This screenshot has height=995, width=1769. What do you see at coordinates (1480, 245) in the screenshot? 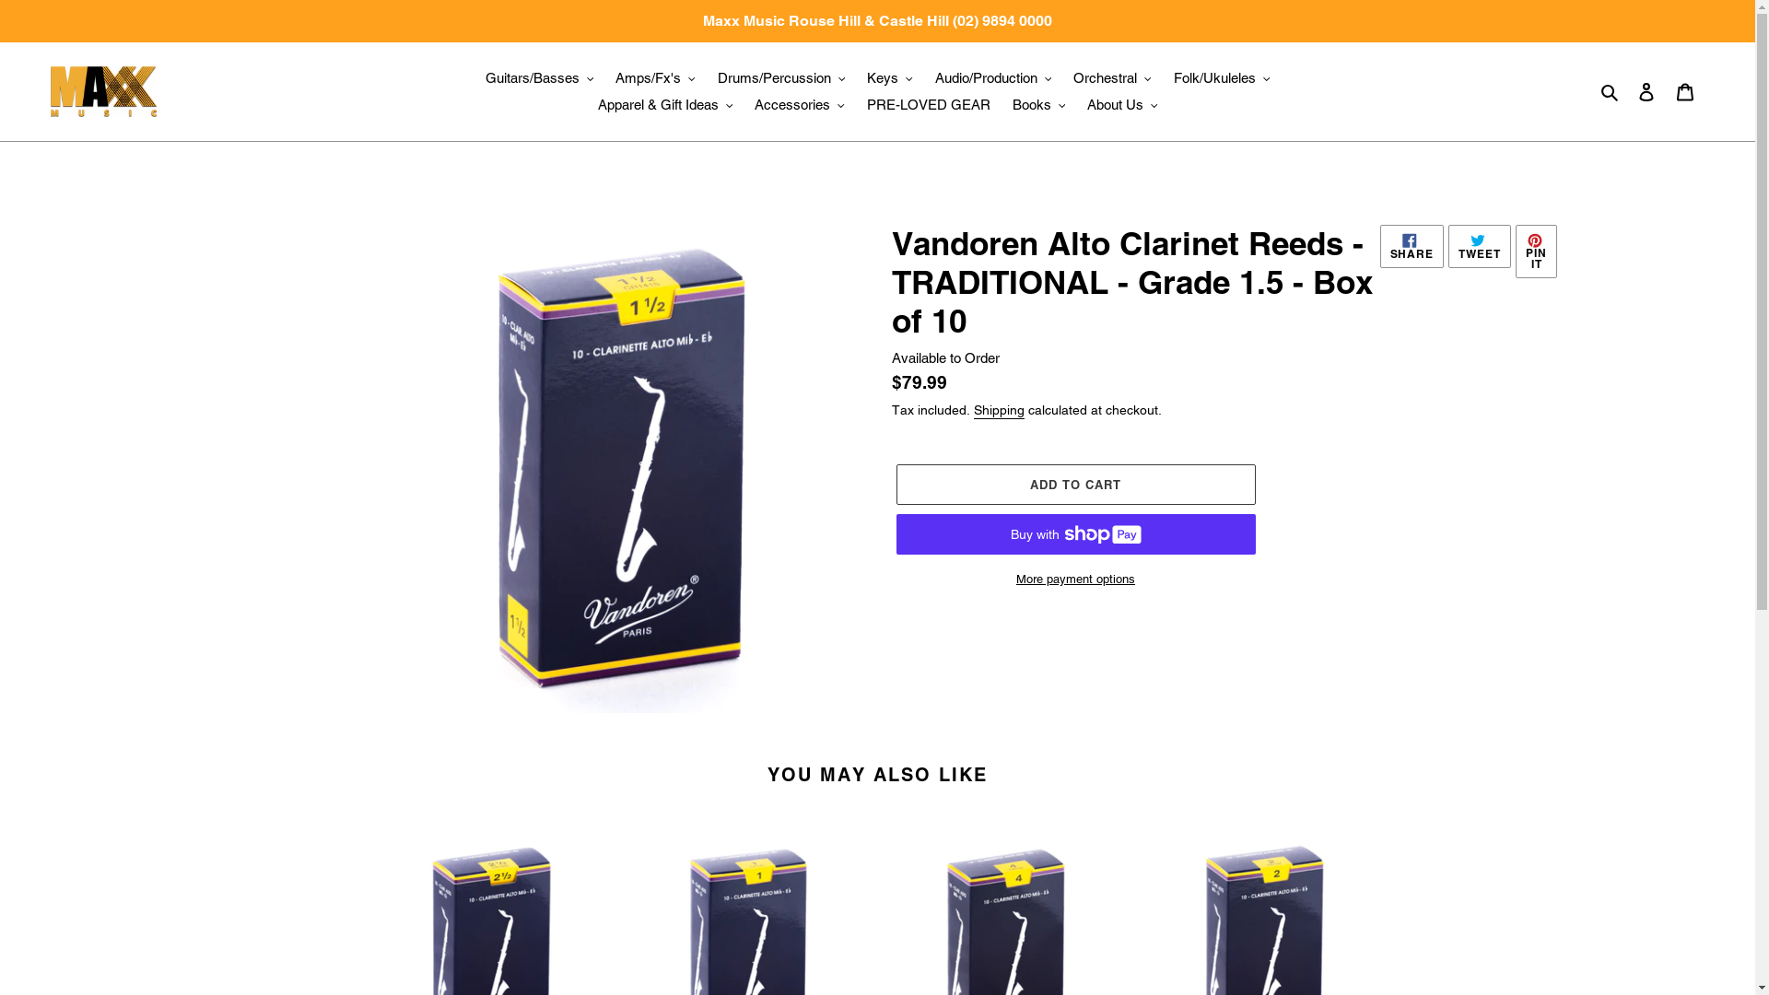
I see `'TWEET` at bounding box center [1480, 245].